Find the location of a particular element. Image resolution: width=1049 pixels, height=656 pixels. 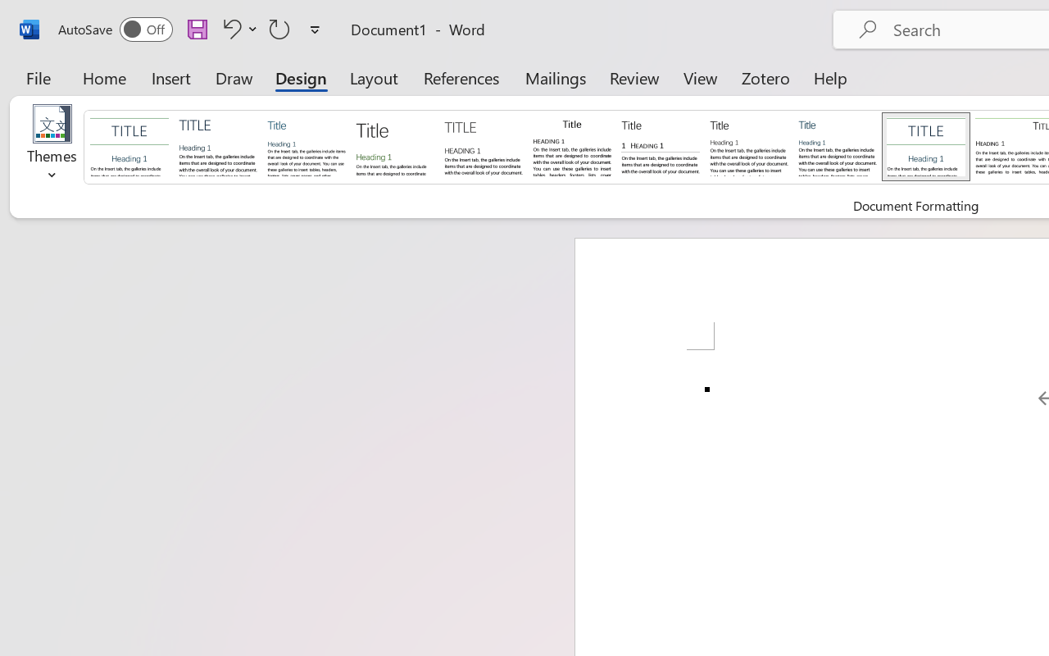

'Themes' is located at coordinates (52, 147).